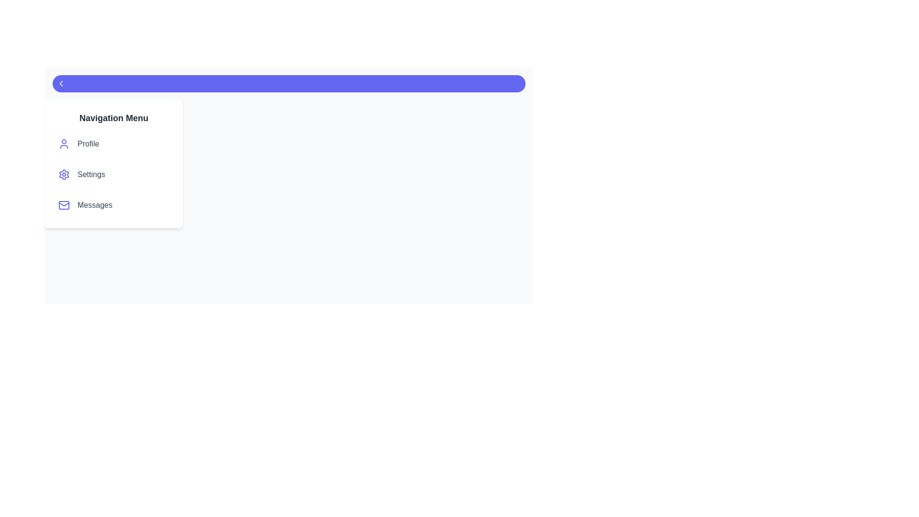 The height and width of the screenshot is (517, 919). I want to click on the menu item labeled Settings to highlight it, so click(114, 175).